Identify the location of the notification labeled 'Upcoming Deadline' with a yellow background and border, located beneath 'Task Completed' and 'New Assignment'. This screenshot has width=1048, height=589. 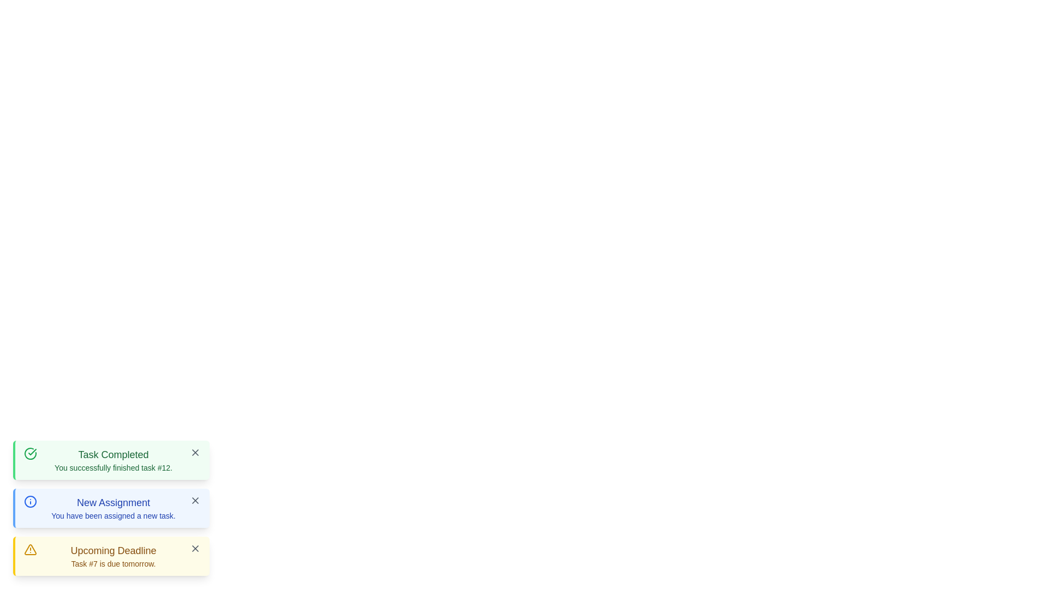
(113, 556).